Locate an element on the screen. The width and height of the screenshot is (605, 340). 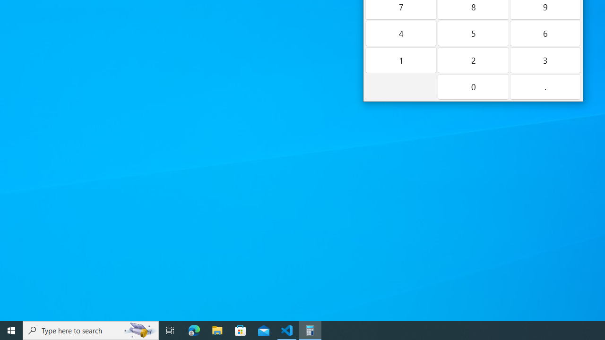
'Three' is located at coordinates (545, 60).